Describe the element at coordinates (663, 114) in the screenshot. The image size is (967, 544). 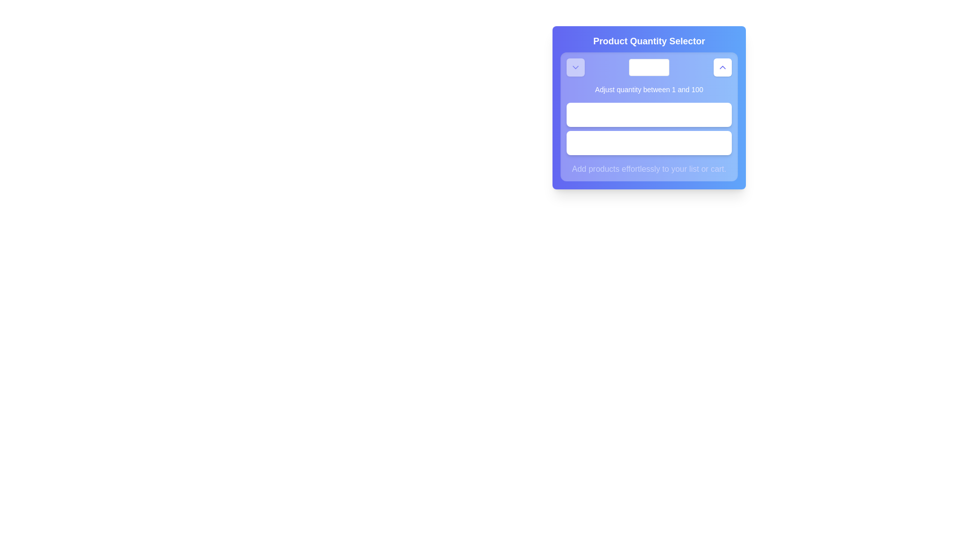
I see `the quantity` at that location.